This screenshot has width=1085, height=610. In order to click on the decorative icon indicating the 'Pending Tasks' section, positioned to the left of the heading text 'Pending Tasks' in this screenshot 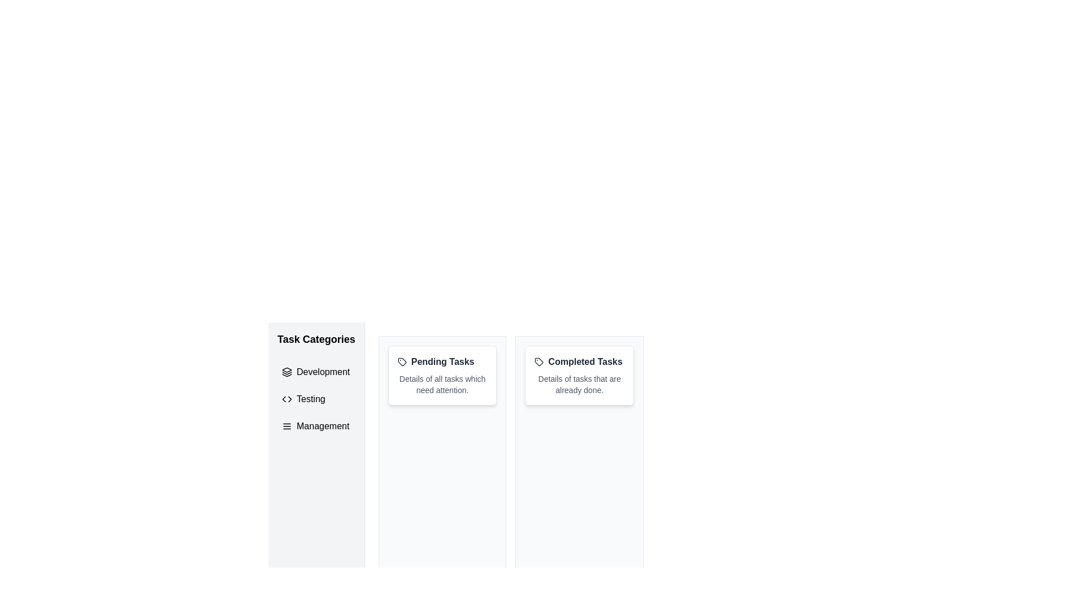, I will do `click(539, 361)`.